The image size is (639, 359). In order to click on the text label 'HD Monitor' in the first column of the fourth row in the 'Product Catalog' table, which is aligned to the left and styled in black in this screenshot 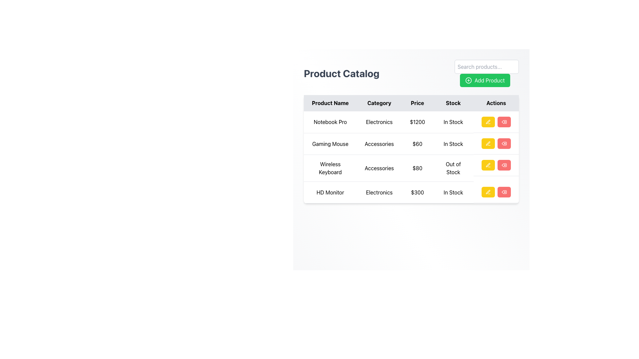, I will do `click(330, 192)`.